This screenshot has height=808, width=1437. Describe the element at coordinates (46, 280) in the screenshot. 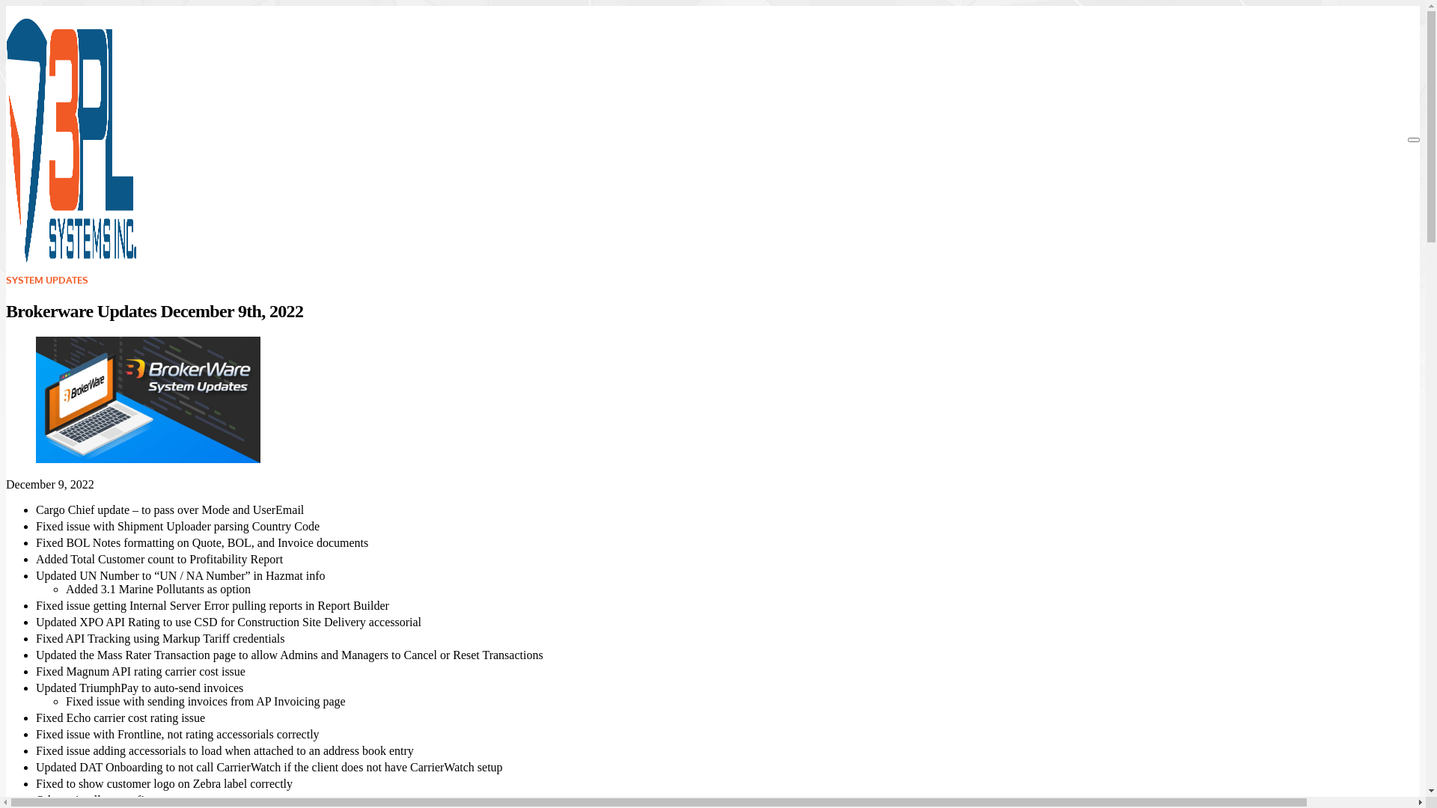

I see `'SYSTEM UPDATES'` at that location.